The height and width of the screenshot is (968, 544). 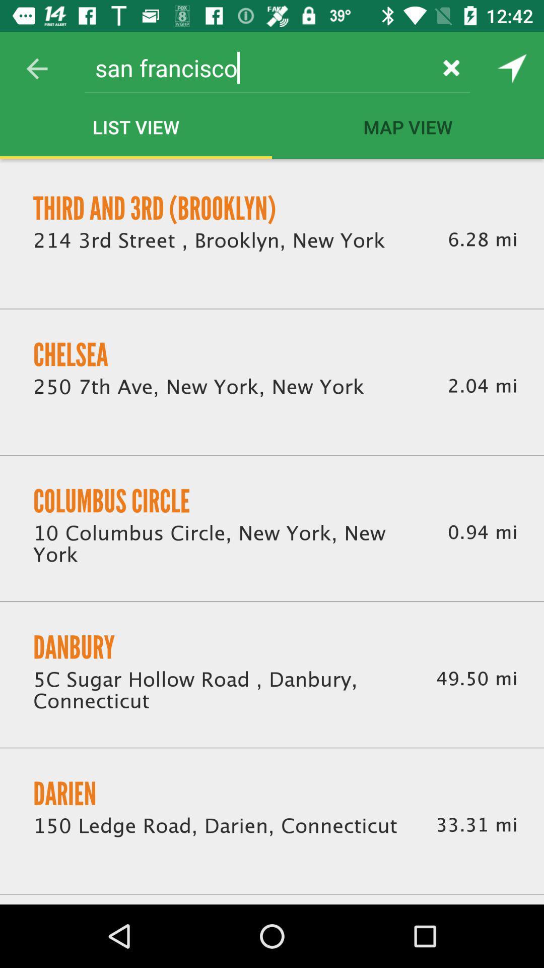 What do you see at coordinates (209, 240) in the screenshot?
I see `item above chelsea icon` at bounding box center [209, 240].